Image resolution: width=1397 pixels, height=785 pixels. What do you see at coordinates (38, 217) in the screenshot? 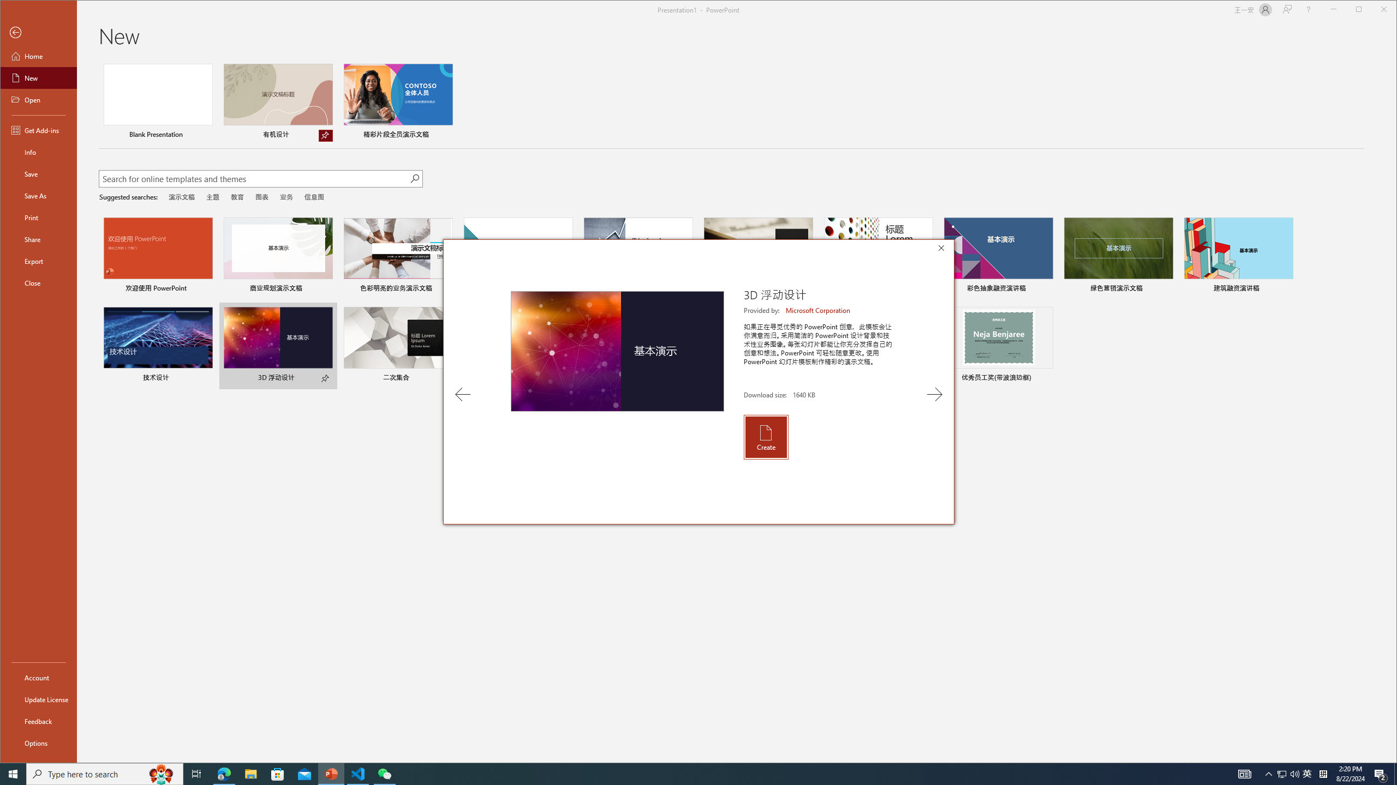
I see `'Print'` at bounding box center [38, 217].